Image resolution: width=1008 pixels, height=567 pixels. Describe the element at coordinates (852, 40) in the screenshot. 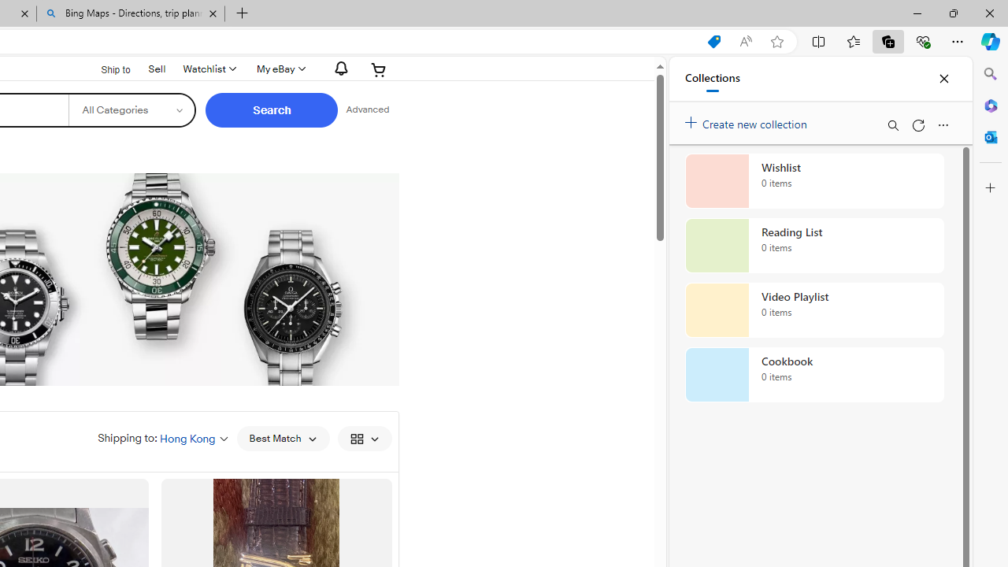

I see `'Favorites'` at that location.